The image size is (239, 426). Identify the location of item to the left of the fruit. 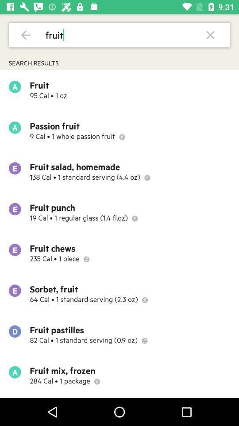
(26, 35).